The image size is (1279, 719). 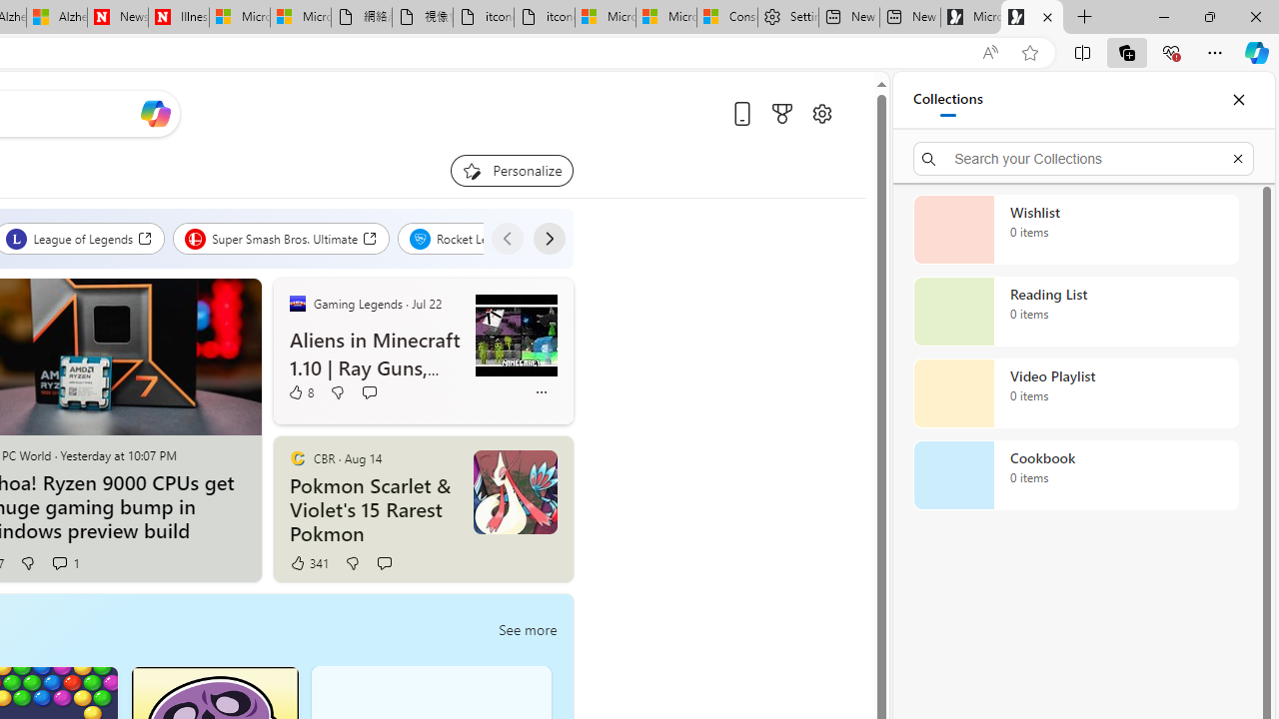 What do you see at coordinates (281, 238) in the screenshot?
I see `'Super Smash Bros. Ultimate'` at bounding box center [281, 238].